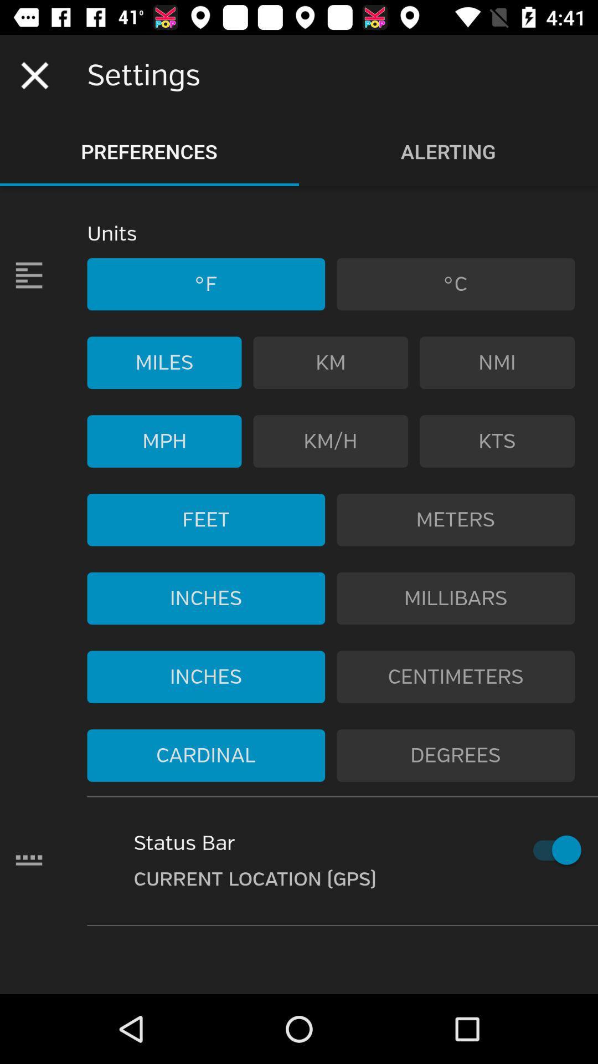 The image size is (598, 1064). What do you see at coordinates (497, 441) in the screenshot?
I see `the item to the right of km/h` at bounding box center [497, 441].